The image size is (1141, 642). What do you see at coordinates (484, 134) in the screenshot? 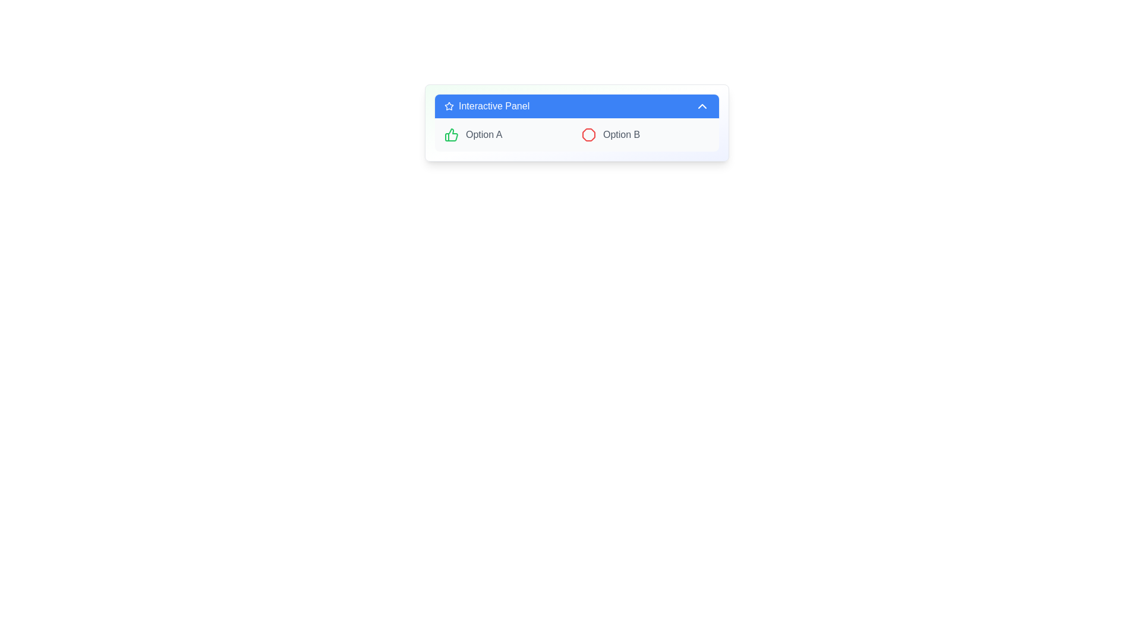
I see `the text label displaying 'Option A', which is the first option in a horizontal layout group following a thumbs-up icon` at bounding box center [484, 134].